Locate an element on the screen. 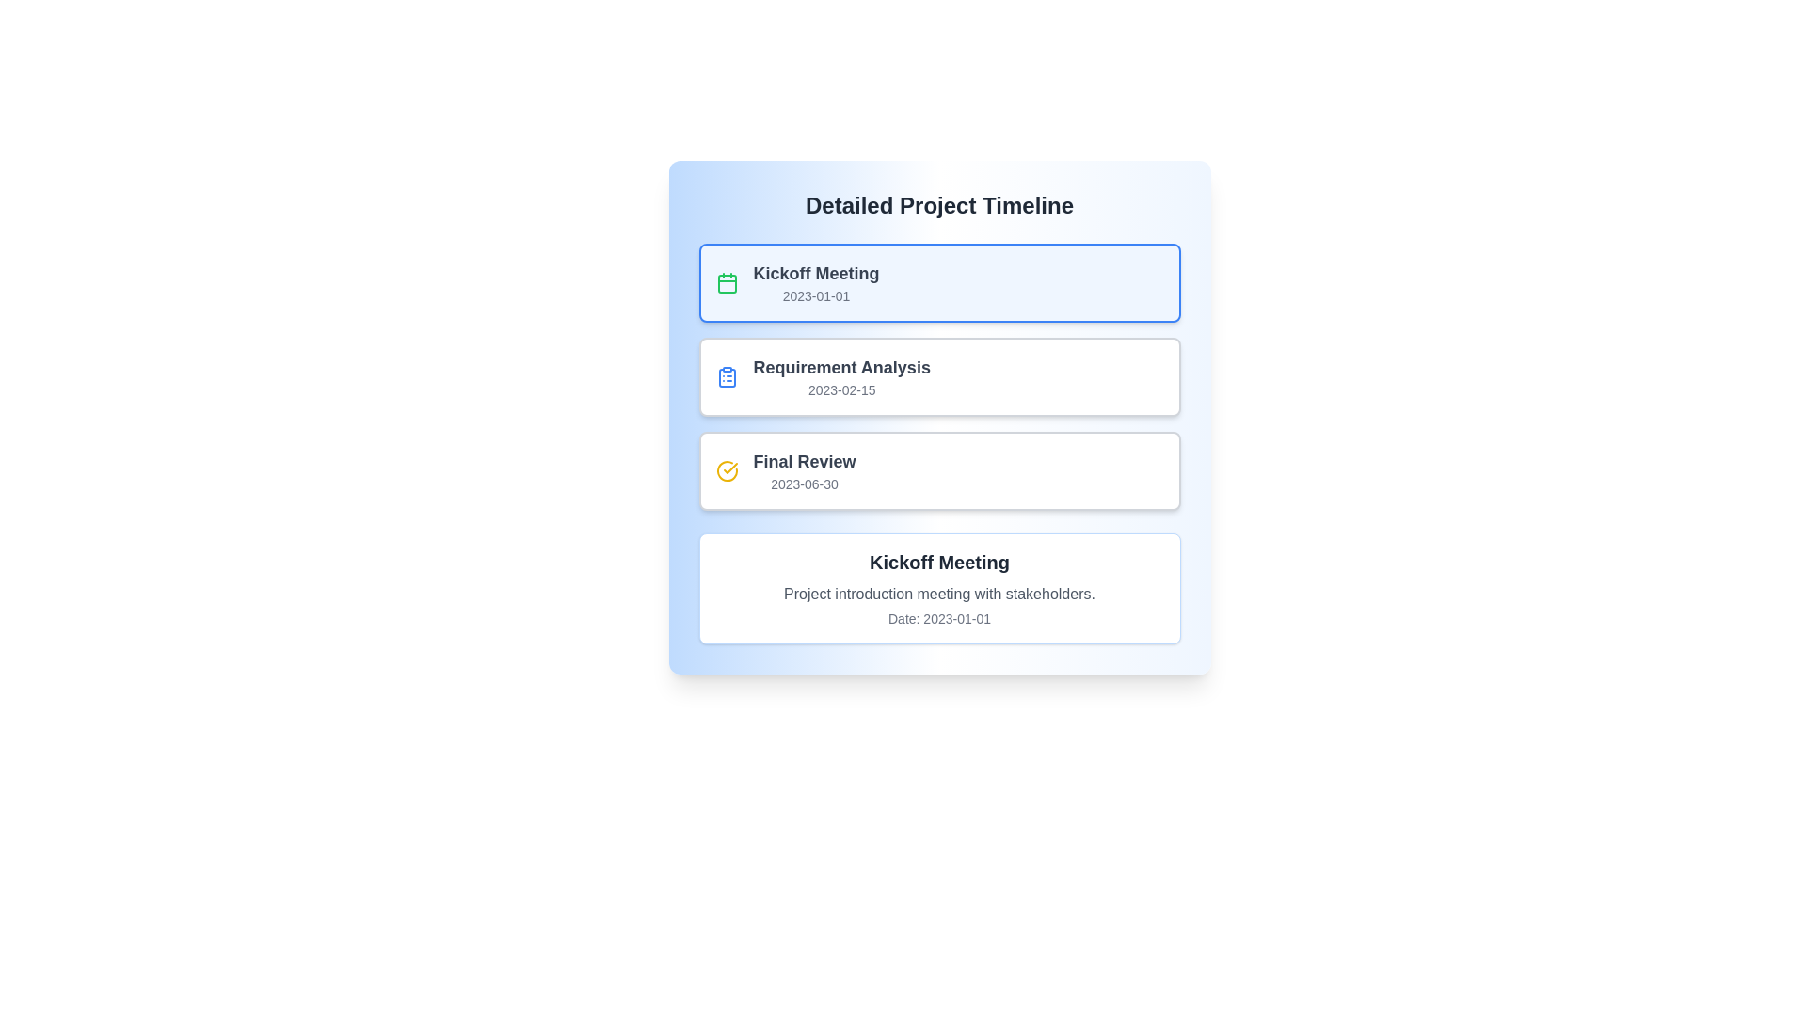 The height and width of the screenshot is (1016, 1807). the text label displaying 'Final Review', which is styled in bold and dark gray, located centrally within the third section of the chronological list under 'Detailed Project Timeline' is located at coordinates (804, 461).